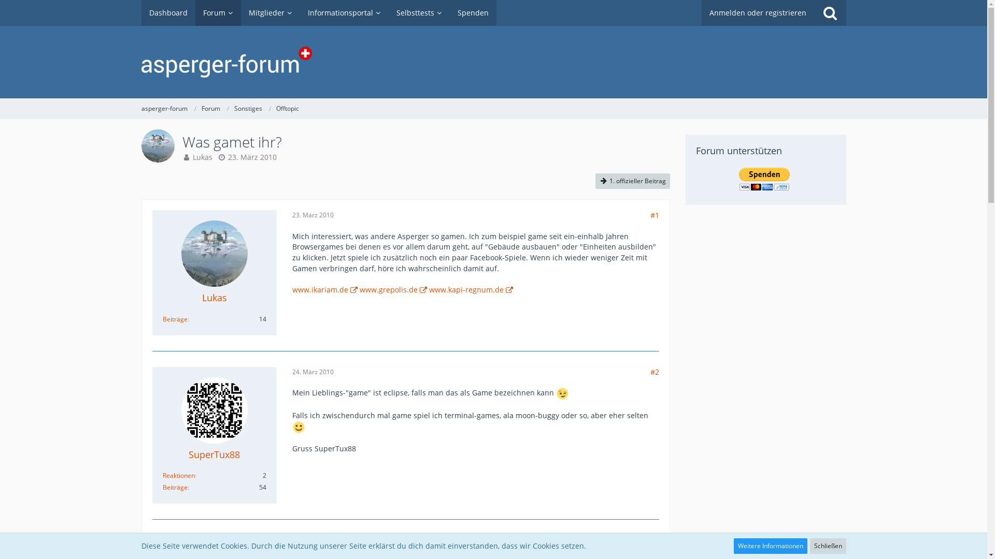 This screenshot has width=995, height=559. I want to click on 'Mitglieder', so click(270, 12).